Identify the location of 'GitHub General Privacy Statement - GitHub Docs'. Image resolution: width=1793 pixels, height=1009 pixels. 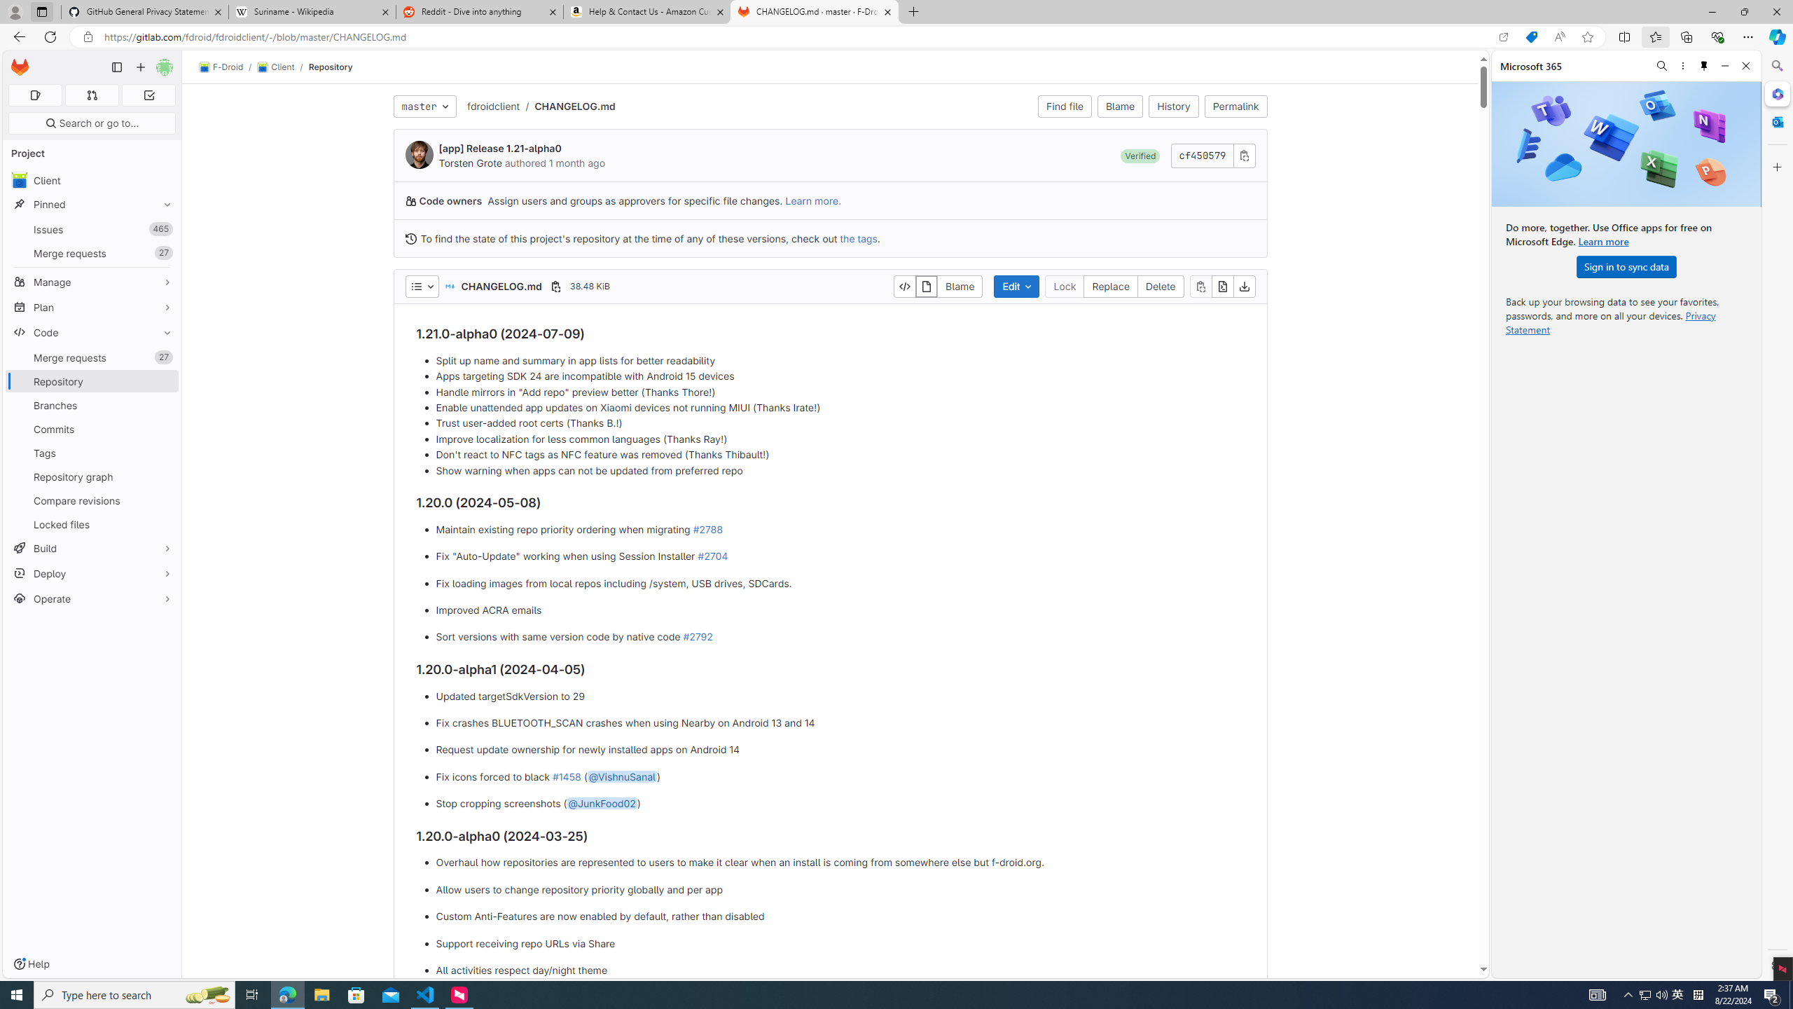
(145, 11).